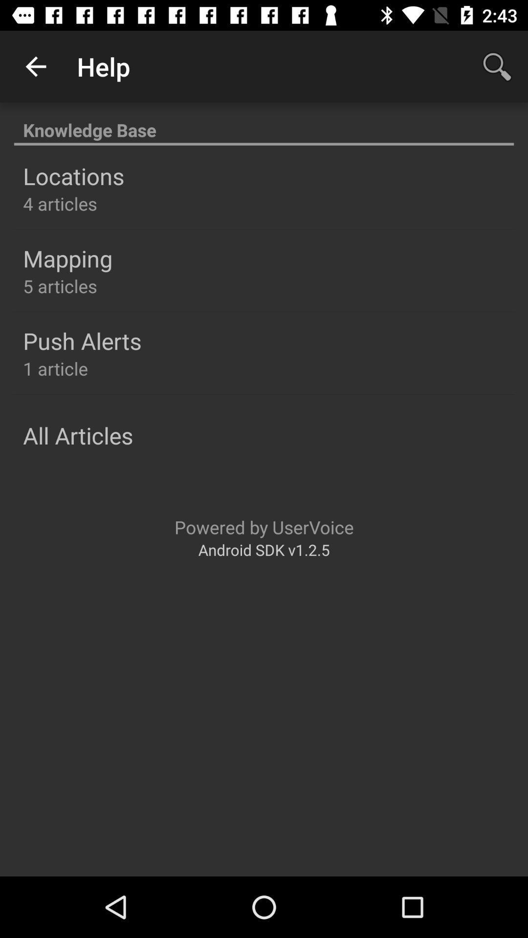 Image resolution: width=528 pixels, height=938 pixels. Describe the element at coordinates (264, 527) in the screenshot. I see `icon above the android sdk v1 icon` at that location.